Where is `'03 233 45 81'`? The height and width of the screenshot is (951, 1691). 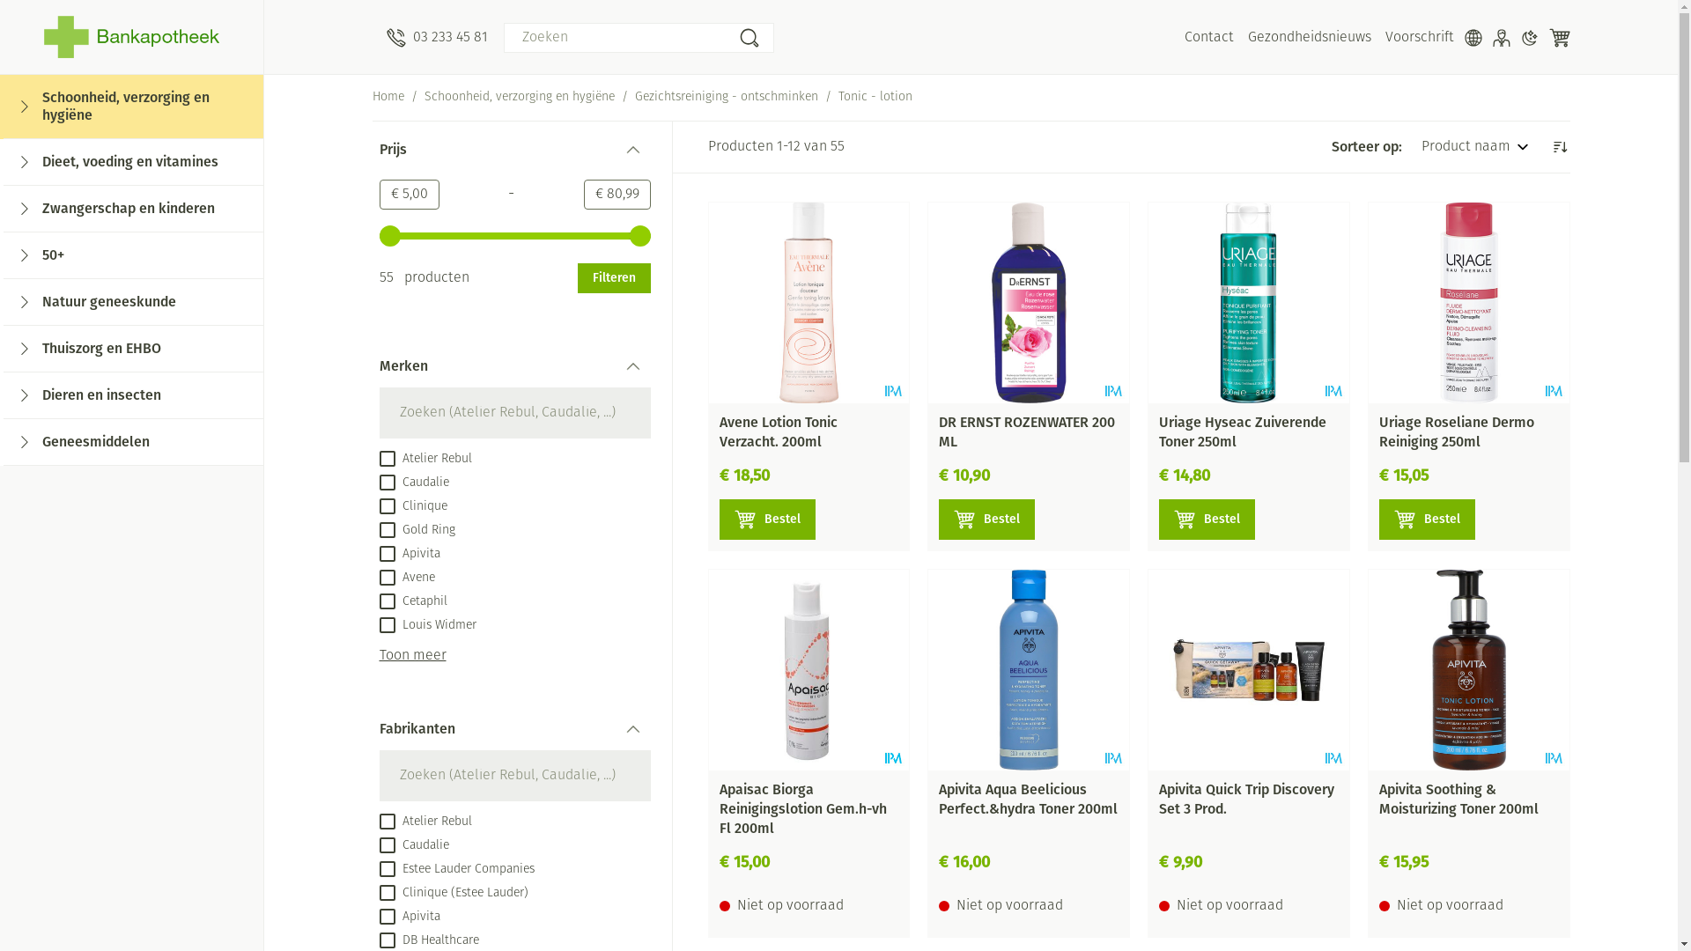 '03 233 45 81' is located at coordinates (384, 37).